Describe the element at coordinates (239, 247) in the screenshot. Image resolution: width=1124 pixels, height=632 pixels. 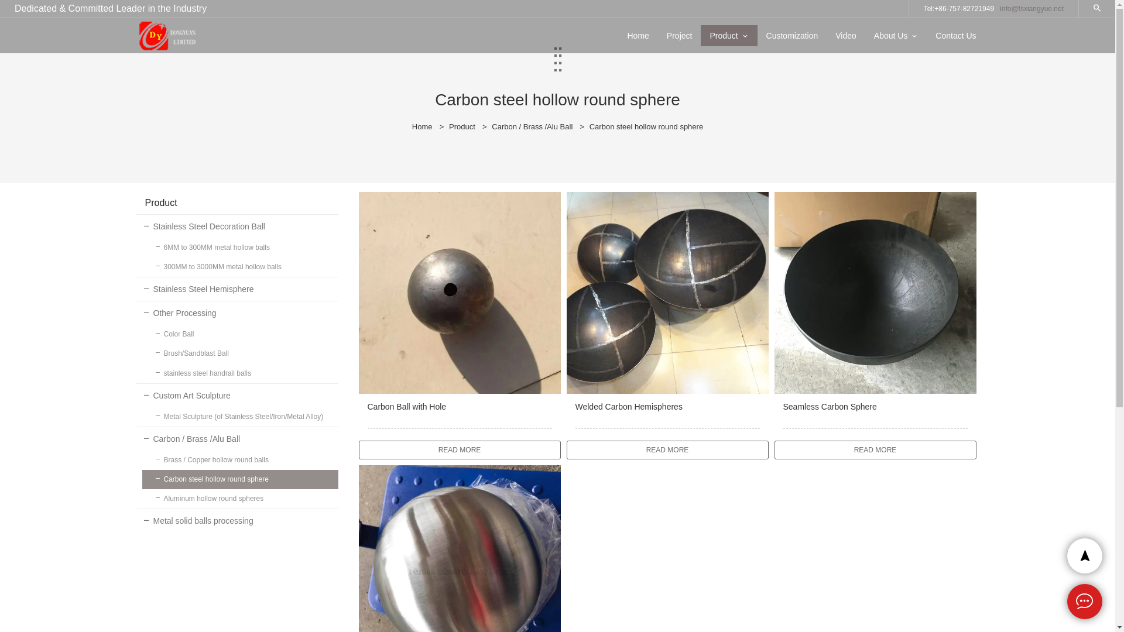
I see `'6MM to 300MM metal hollow balls'` at that location.